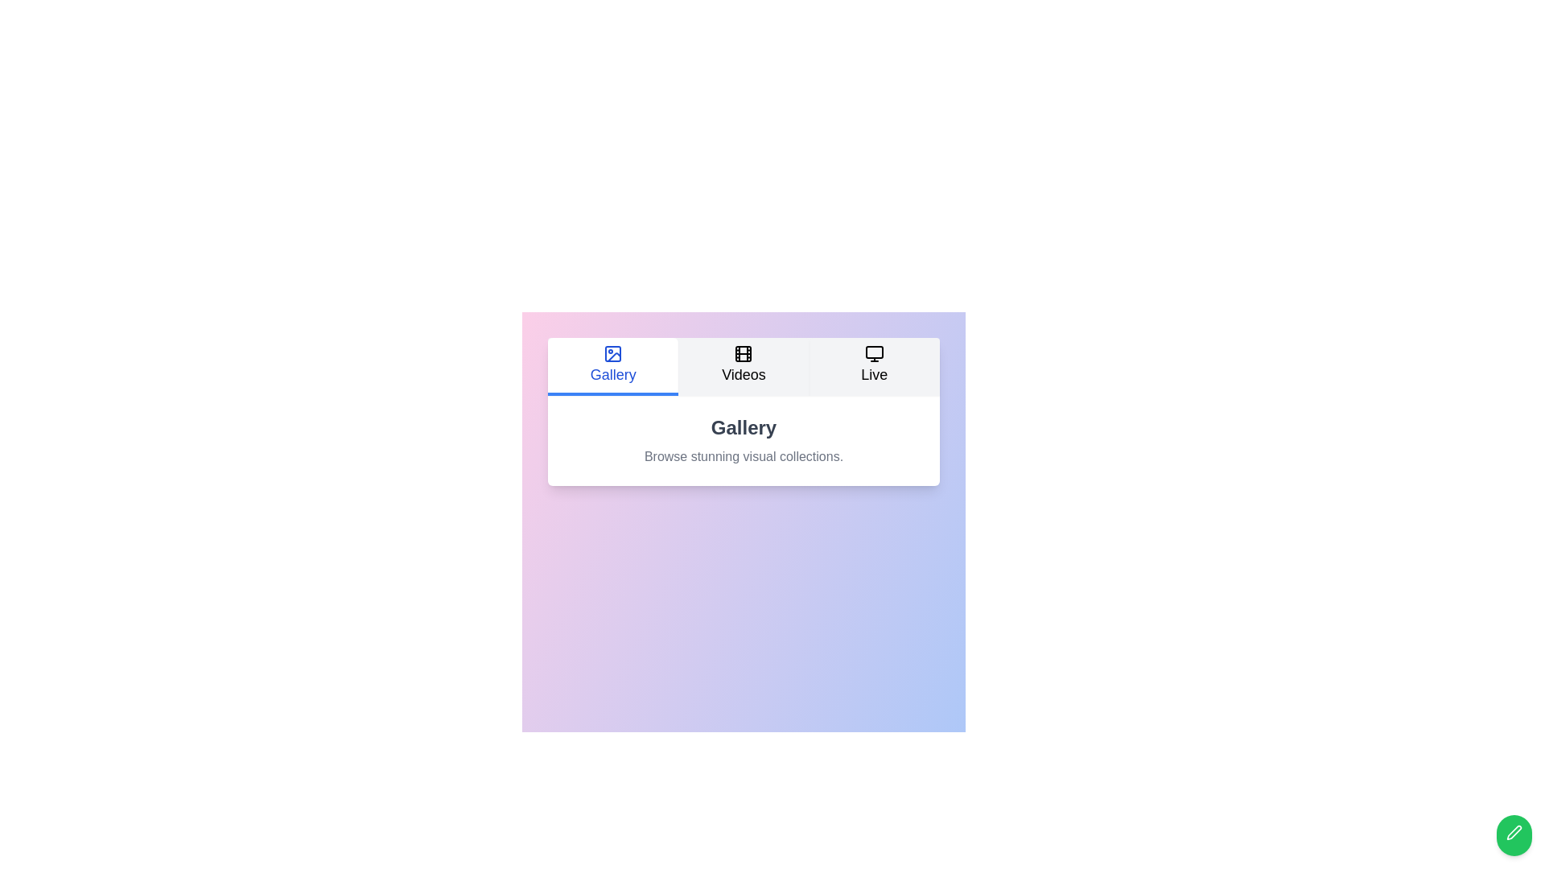  What do you see at coordinates (1513, 832) in the screenshot?
I see `the green circular button with a pen icon at the bottom right corner of the screen to close the modal` at bounding box center [1513, 832].